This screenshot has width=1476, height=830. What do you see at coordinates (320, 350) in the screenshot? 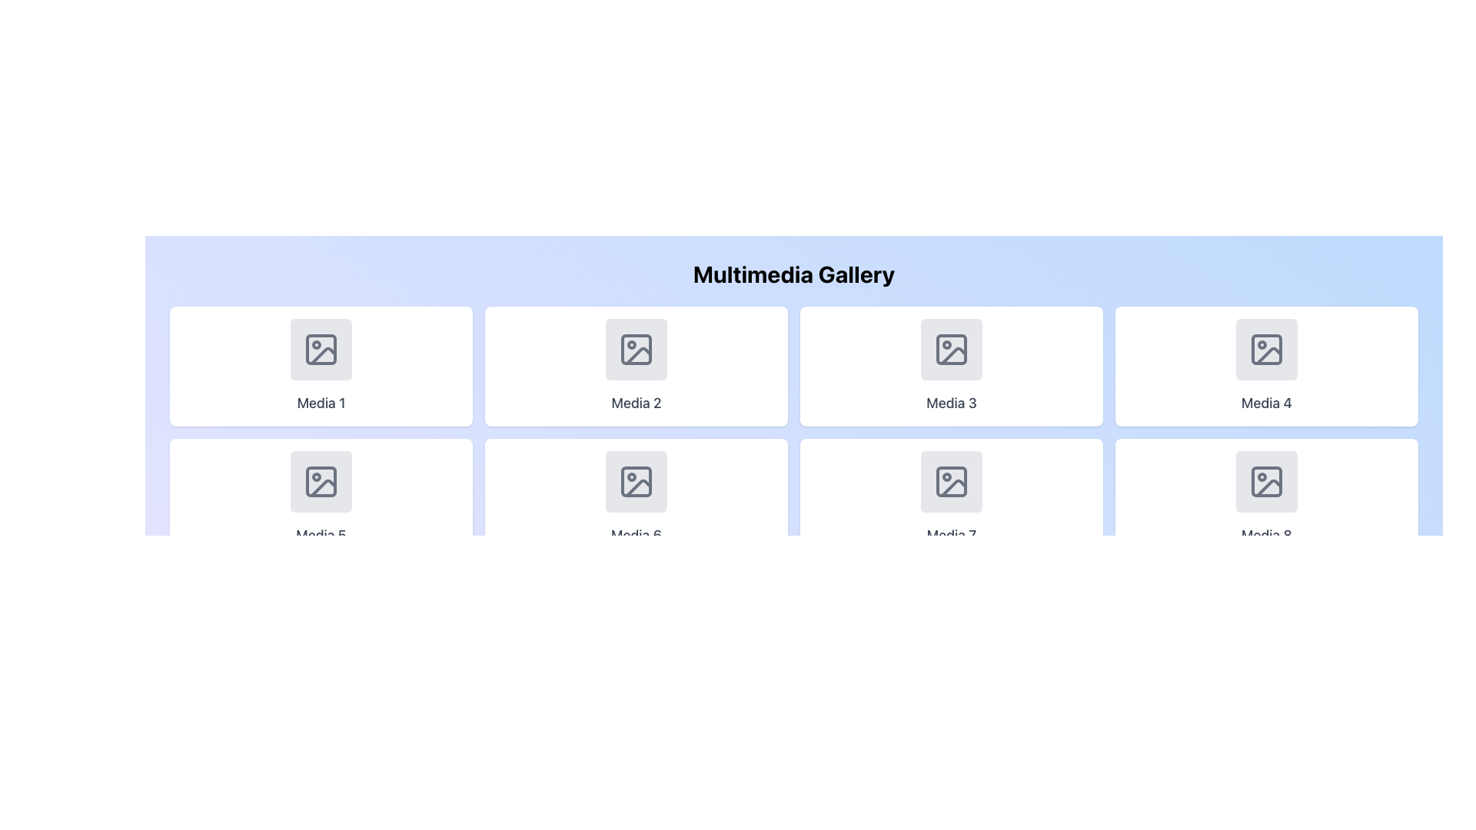
I see `the decorative rectangle with rounded corners in the top-left corner of the 'Media 1' cell within the SVG graphic` at bounding box center [320, 350].